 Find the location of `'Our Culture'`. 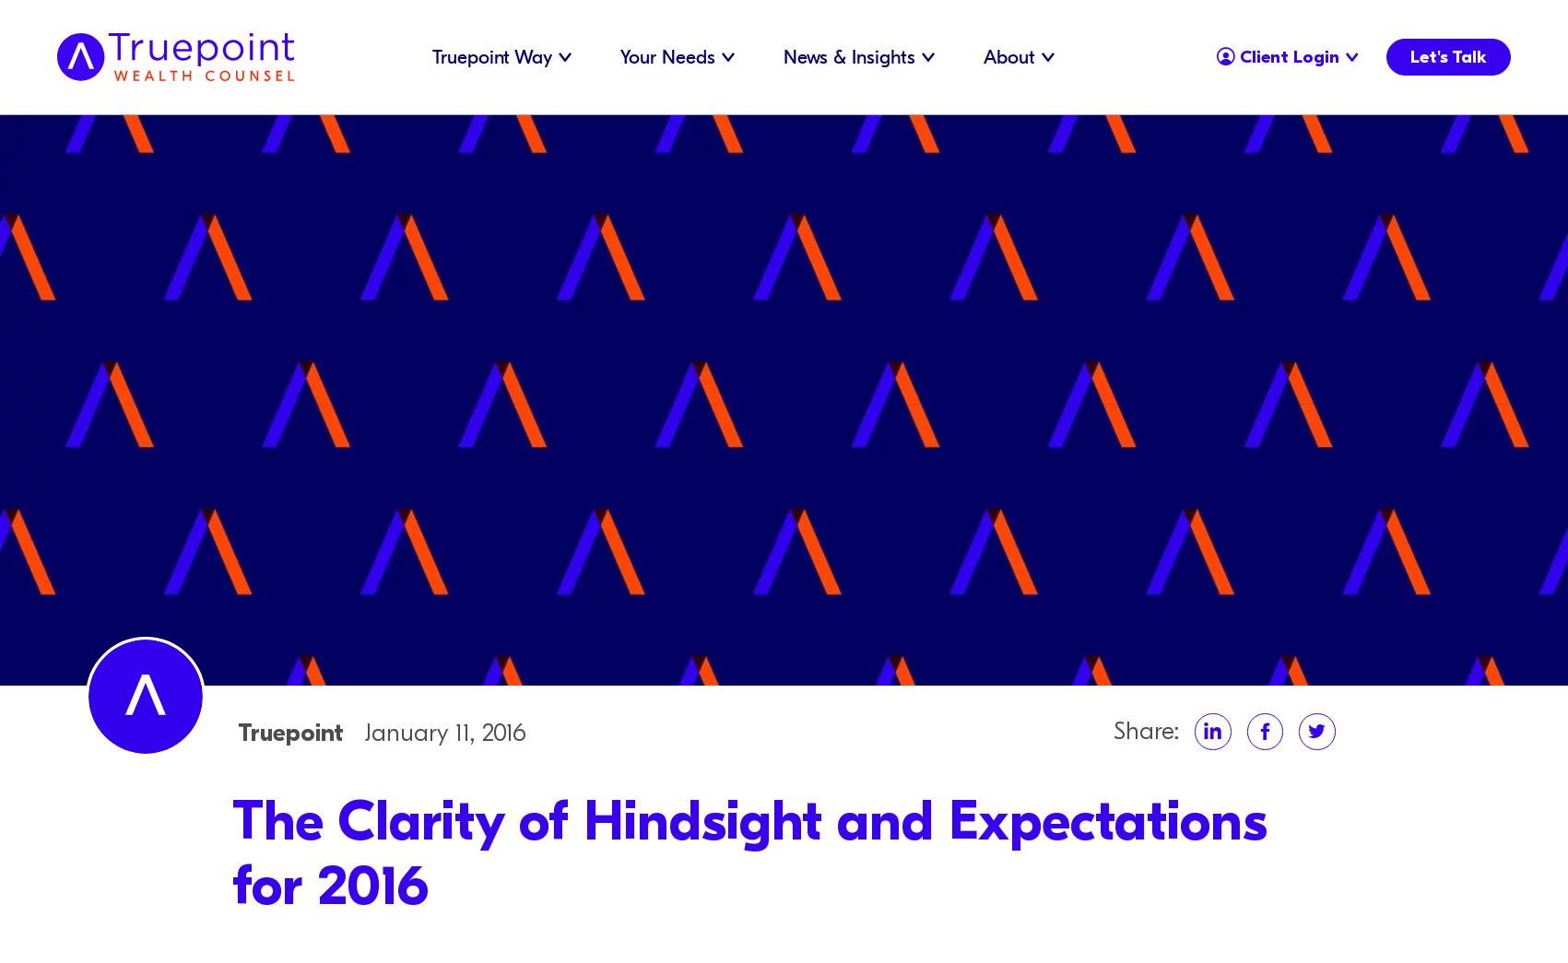

'Our Culture' is located at coordinates (388, 77).